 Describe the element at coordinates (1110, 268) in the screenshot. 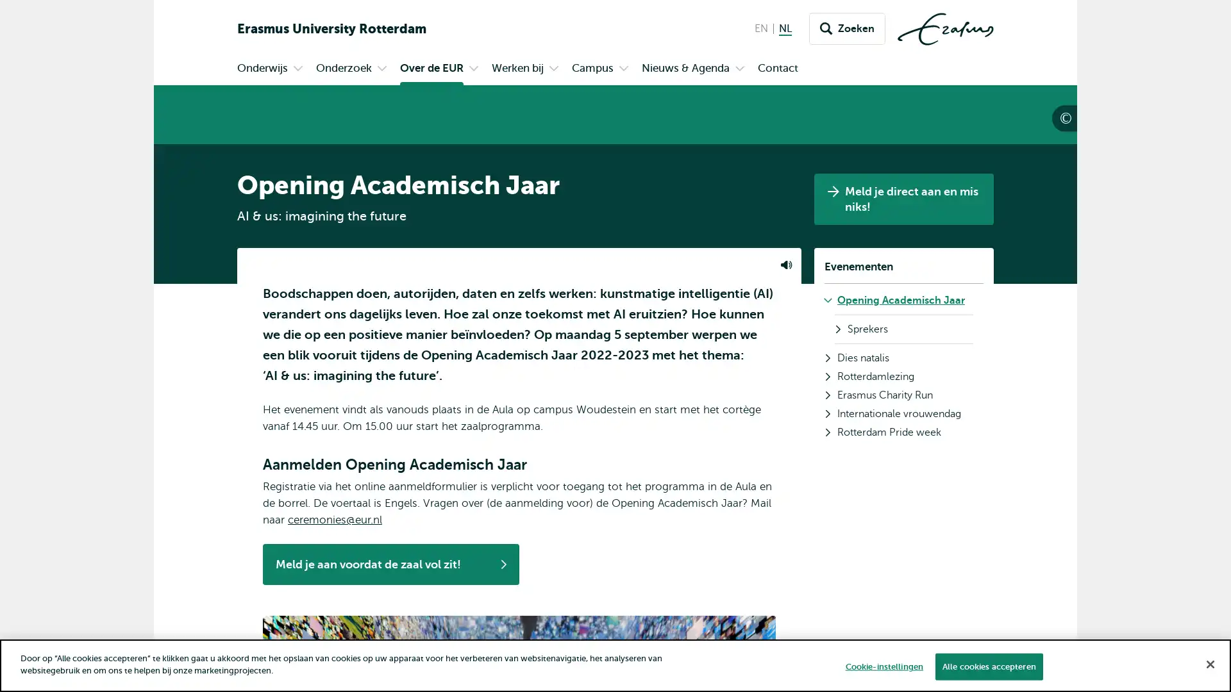

I see `Rafik Anadol` at that location.